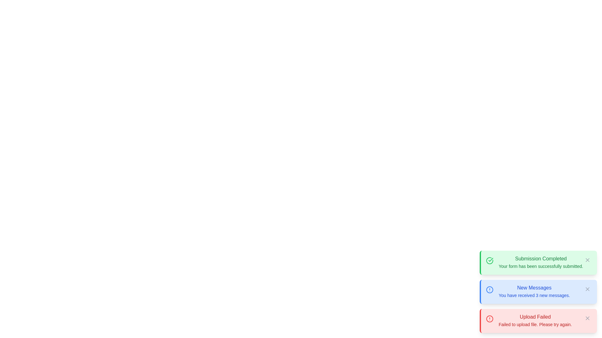 The width and height of the screenshot is (602, 338). Describe the element at coordinates (587, 260) in the screenshot. I see `the Icon button with an 'X' symbol located at the top-right corner of the 'Submission Completed' notification` at that location.